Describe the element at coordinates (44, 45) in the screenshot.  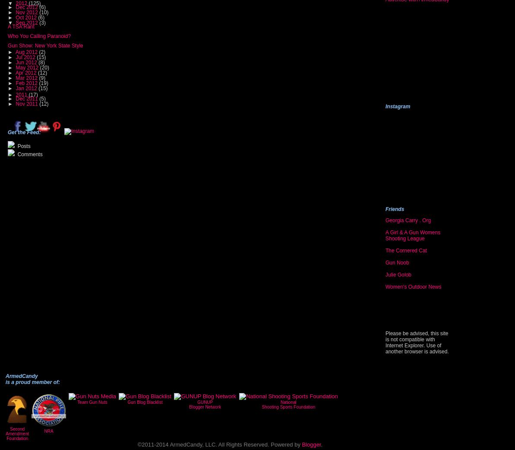
I see `'Gun Show: New York State Style'` at that location.